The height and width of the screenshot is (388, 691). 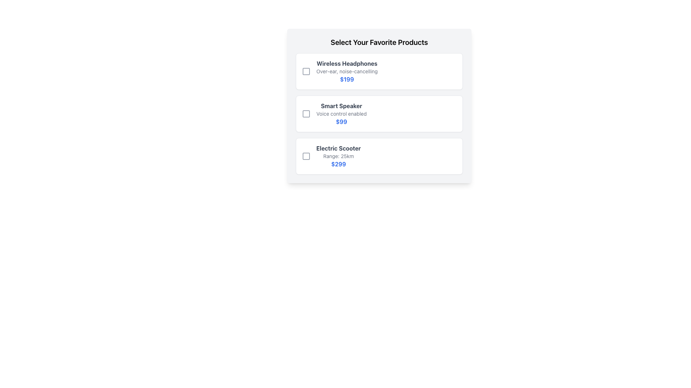 I want to click on the text label element that displays 'Over-ear, noise-cancelling', which is positioned below 'Wireless Headphones' and above the price '$199', so click(x=347, y=71).